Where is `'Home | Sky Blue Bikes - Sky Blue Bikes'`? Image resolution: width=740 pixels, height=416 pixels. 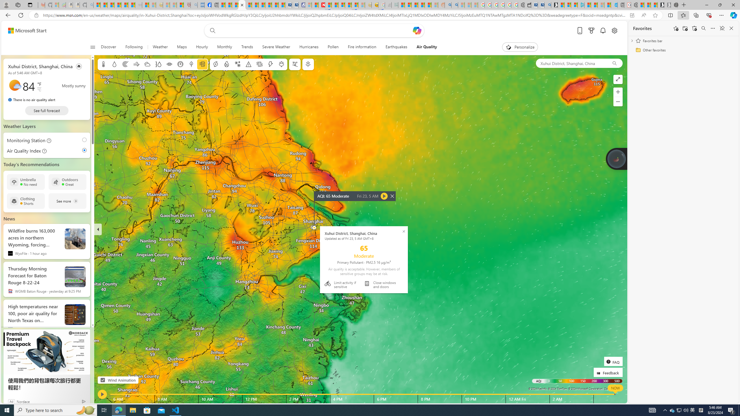
'Home | Sky Blue Bikes - Sky Blue Bikes' is located at coordinates (614, 5).